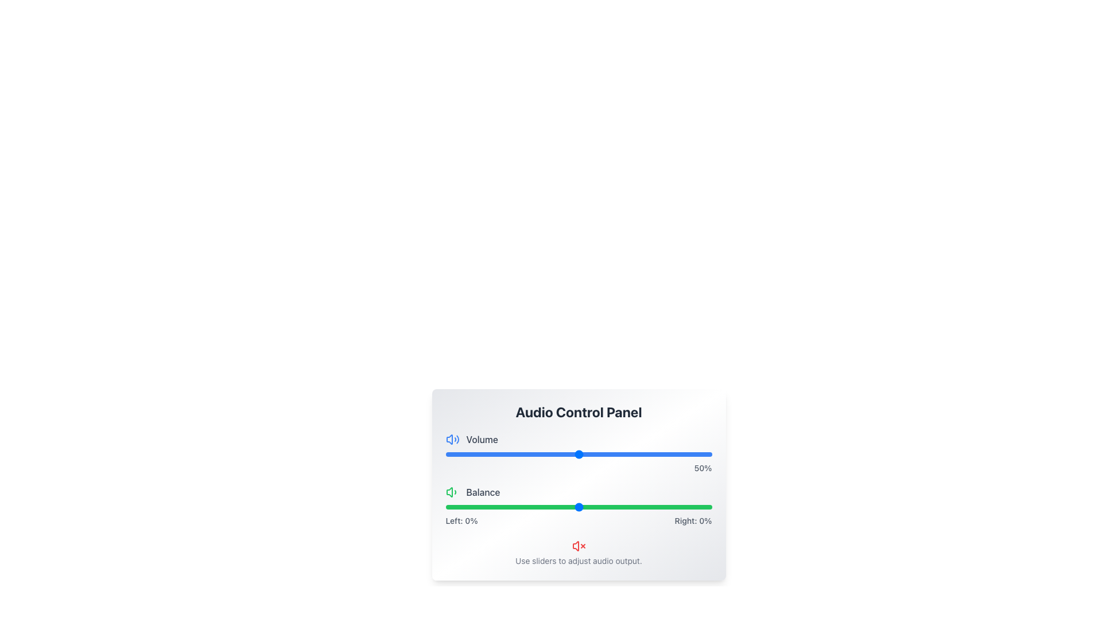 This screenshot has height=619, width=1102. Describe the element at coordinates (693, 521) in the screenshot. I see `the static text label displaying the balance percentage for the right channel of the audio output, located at the bottom-right of the interface` at that location.